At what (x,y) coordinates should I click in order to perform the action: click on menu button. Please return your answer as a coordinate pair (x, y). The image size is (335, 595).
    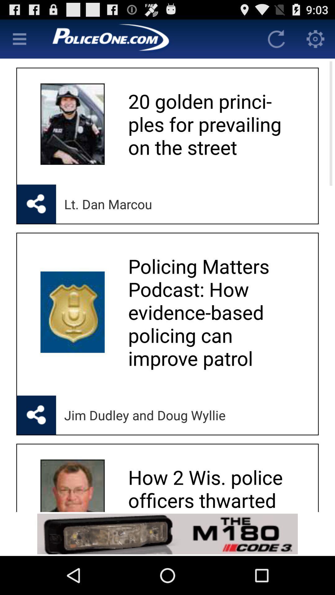
    Looking at the image, I should click on (19, 38).